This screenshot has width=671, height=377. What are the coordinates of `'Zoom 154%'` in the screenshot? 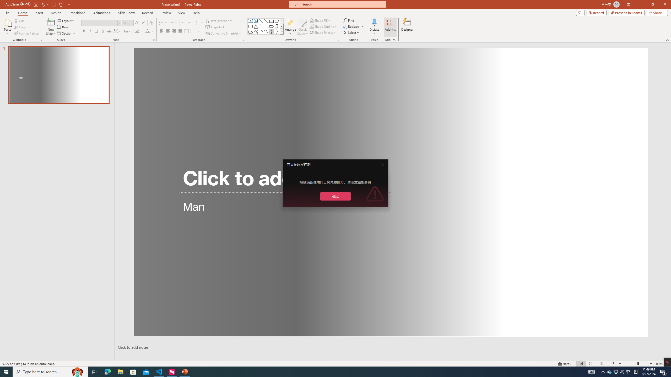 It's located at (659, 364).